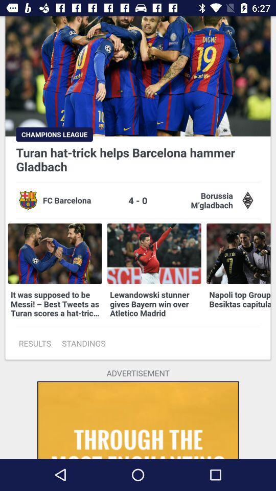 The width and height of the screenshot is (276, 491). I want to click on the icon below the advertisement, so click(138, 420).